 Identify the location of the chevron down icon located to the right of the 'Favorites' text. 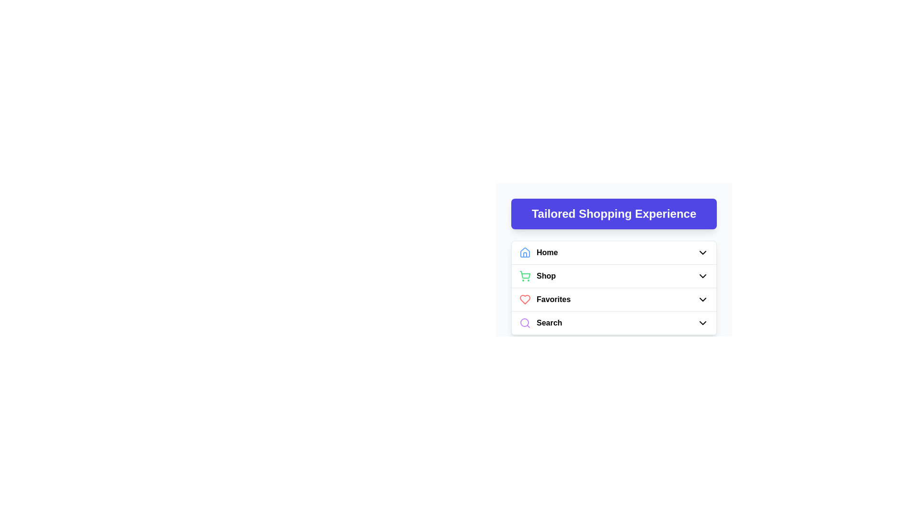
(703, 299).